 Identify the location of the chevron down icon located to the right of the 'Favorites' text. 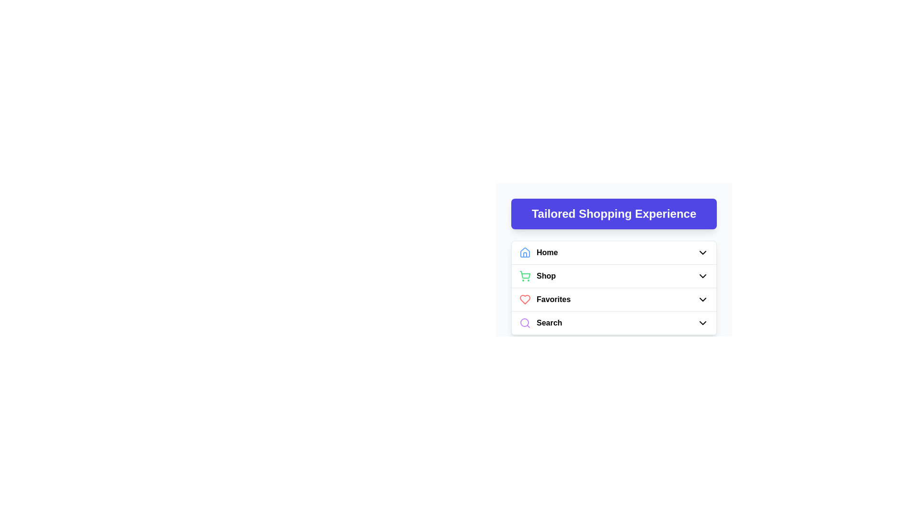
(703, 299).